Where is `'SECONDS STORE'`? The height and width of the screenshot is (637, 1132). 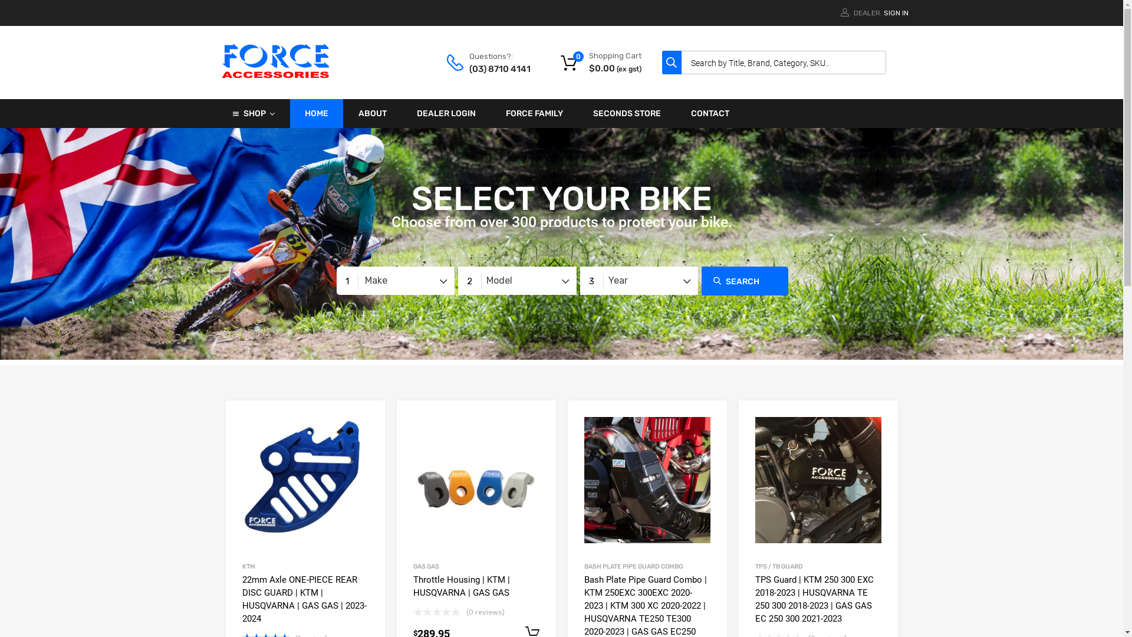 'SECONDS STORE' is located at coordinates (626, 113).